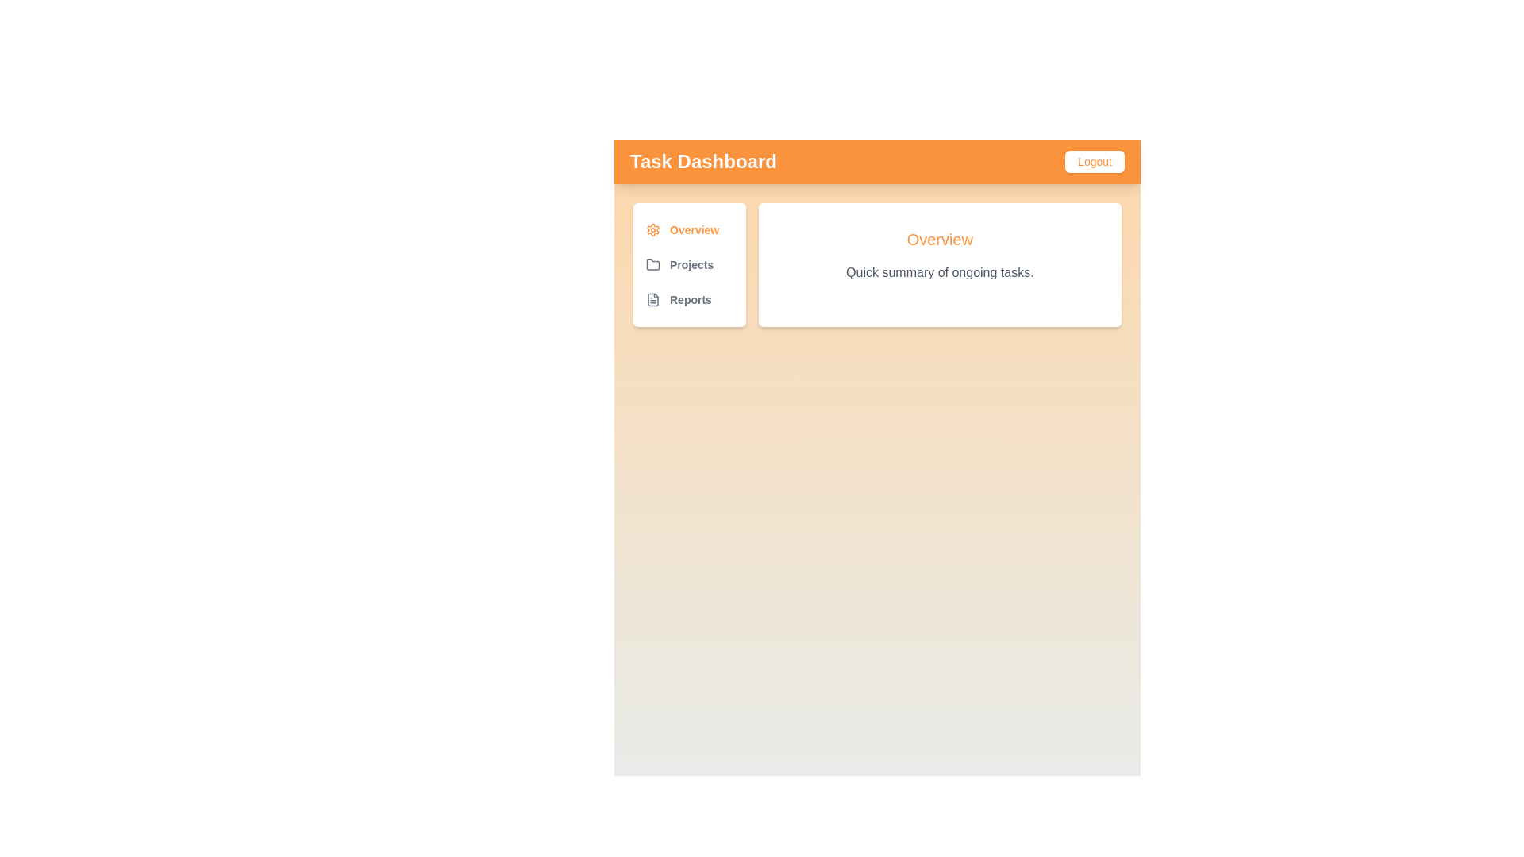 The width and height of the screenshot is (1524, 857). I want to click on the settings icon, so click(652, 229).